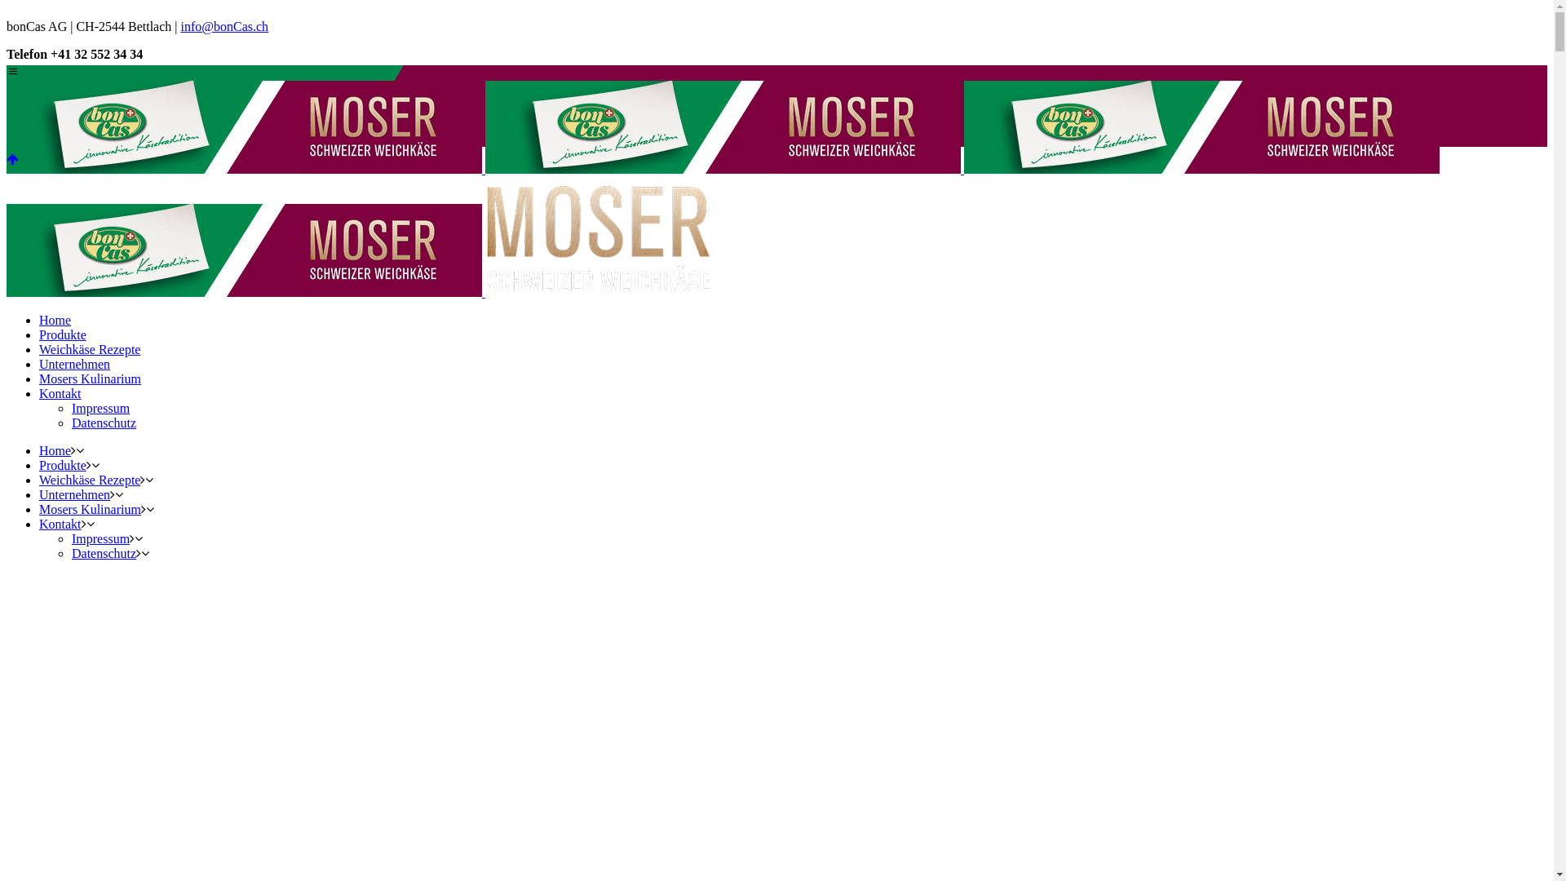  What do you see at coordinates (39, 393) in the screenshot?
I see `'Kontakt'` at bounding box center [39, 393].